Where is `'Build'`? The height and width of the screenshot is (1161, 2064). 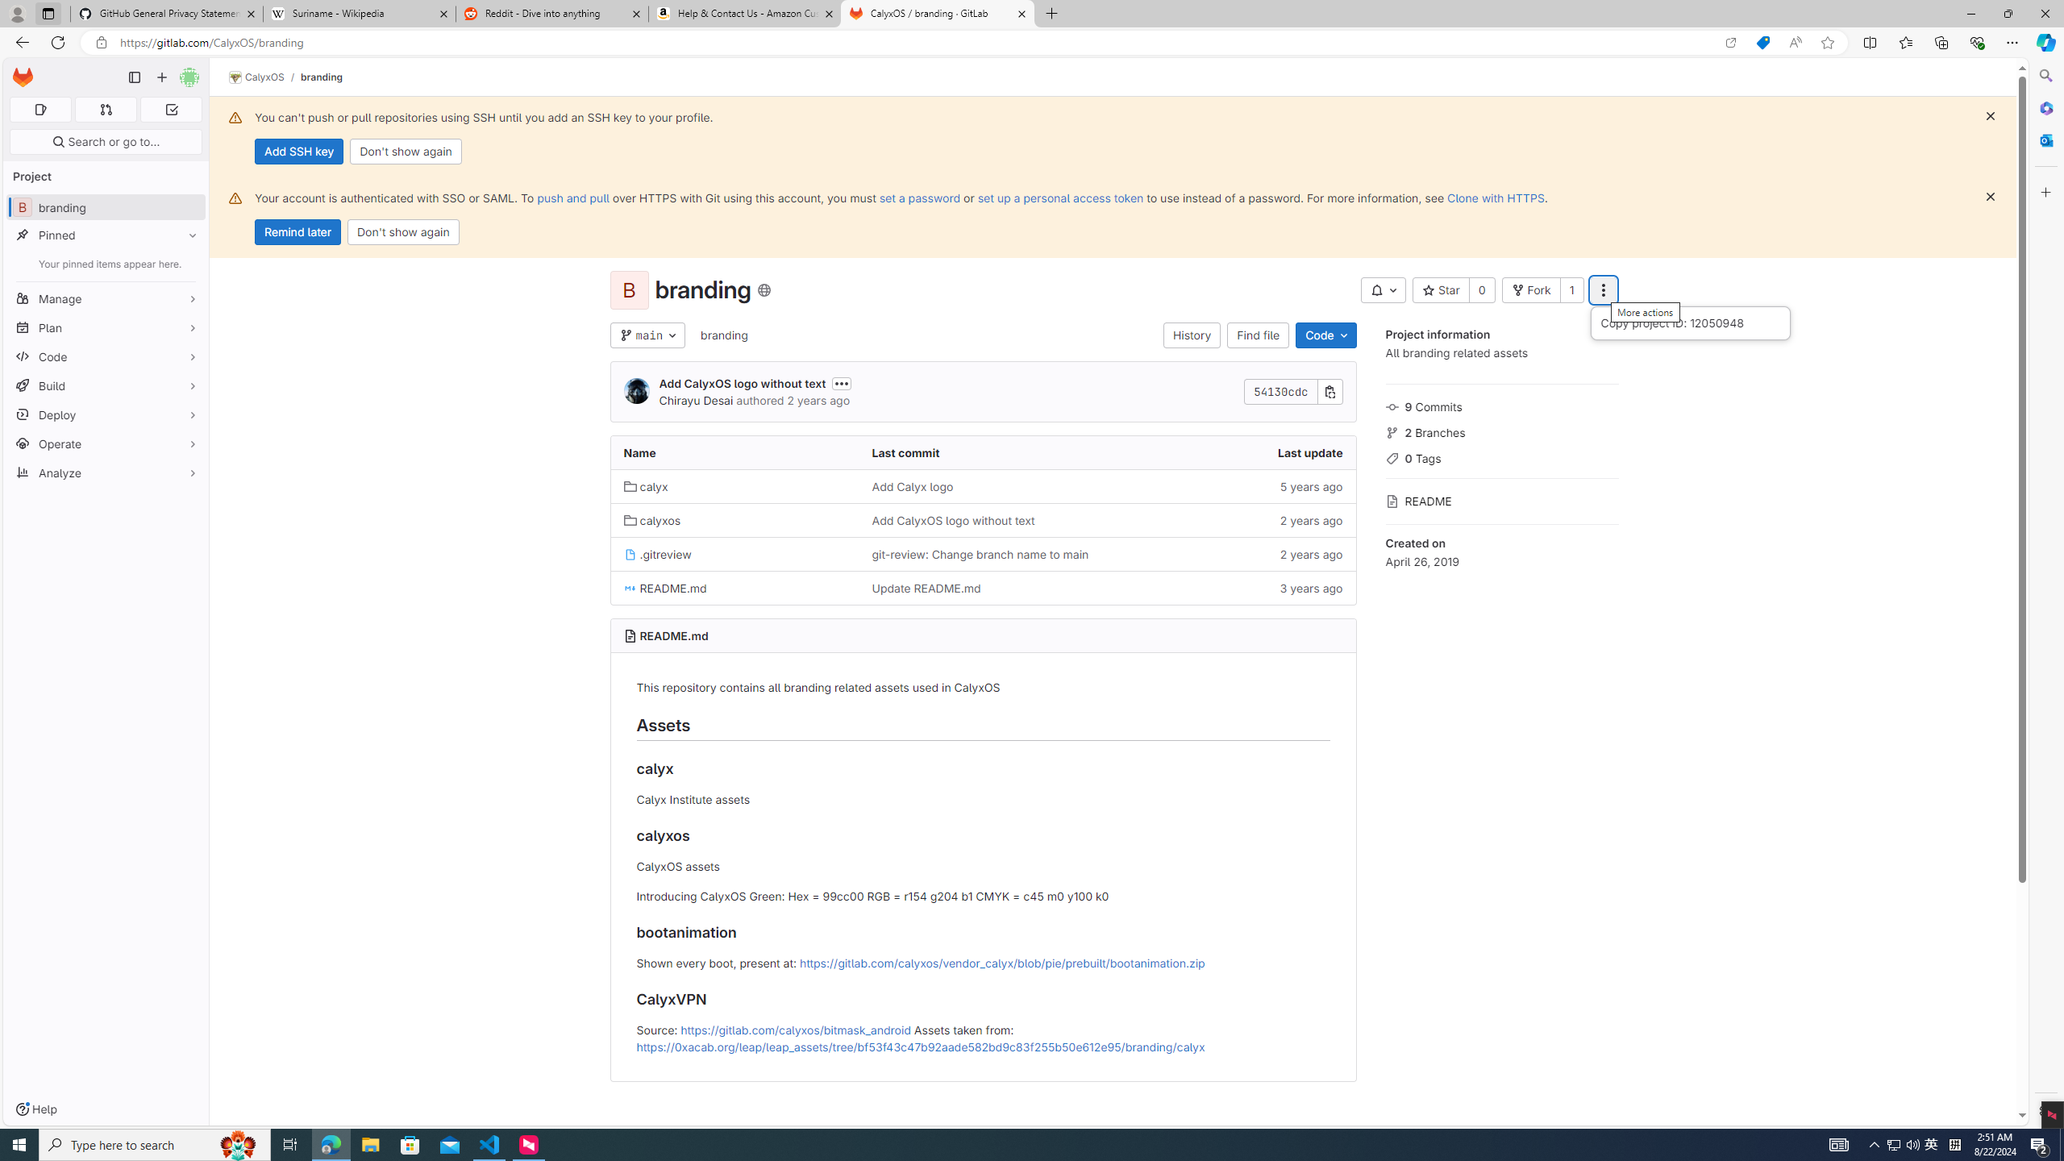
'Build' is located at coordinates (105, 385).